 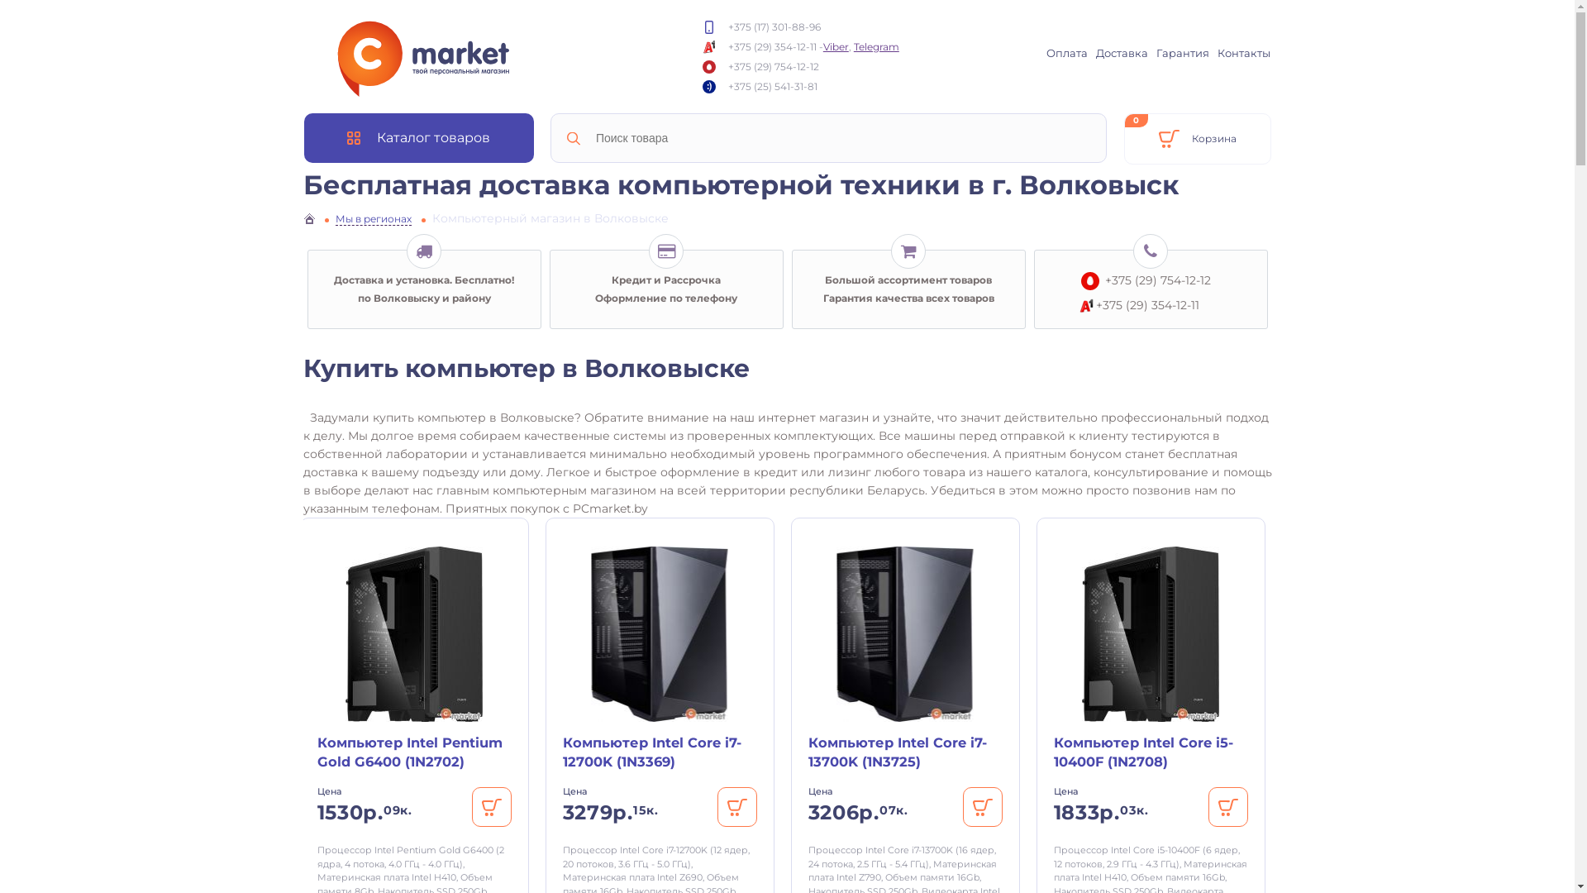 I want to click on 'Telegram', so click(x=875, y=45).